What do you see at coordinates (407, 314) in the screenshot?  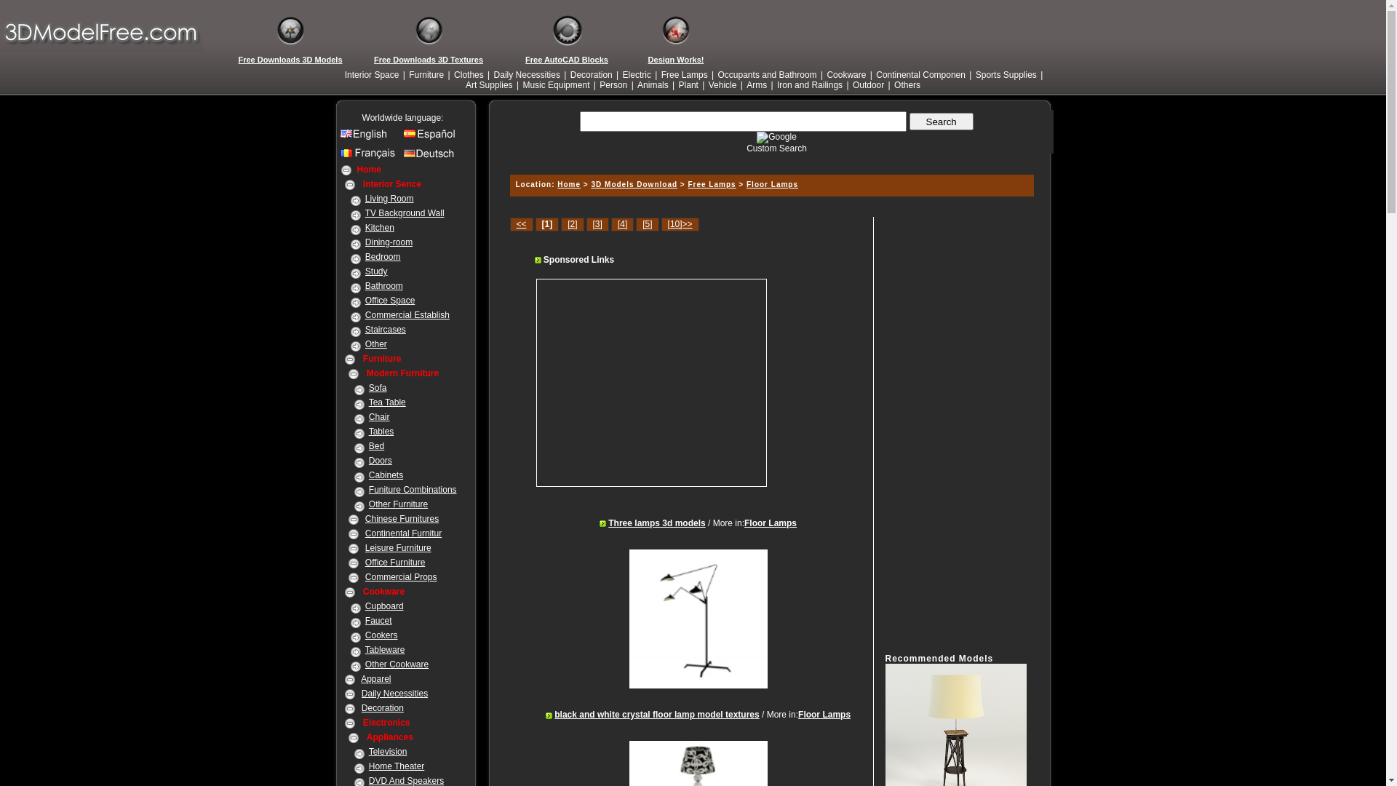 I see `'Commercial Establish'` at bounding box center [407, 314].